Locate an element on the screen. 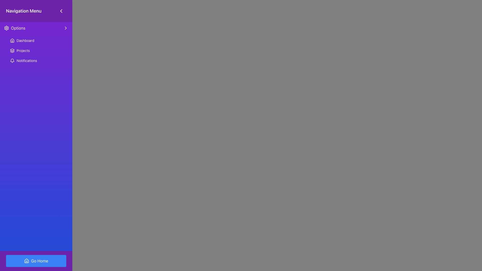 The height and width of the screenshot is (271, 482). the right-facing chevron arrow icon located in the navigation menu adjacent to the text 'Navigation Menu' is located at coordinates (66, 28).